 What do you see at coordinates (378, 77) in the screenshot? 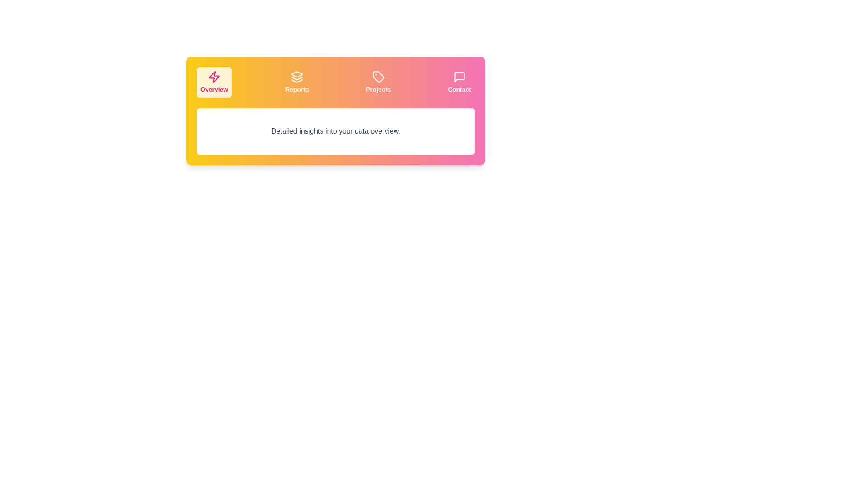
I see `the red price tag icon located in the navigation bar next to the 'Projects' label to interact with the Projects section` at bounding box center [378, 77].